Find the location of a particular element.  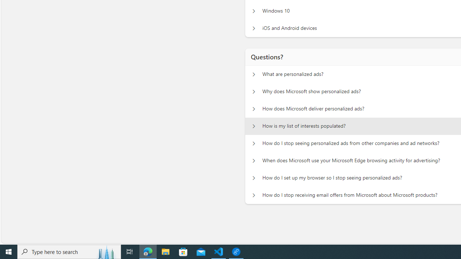

'Questions? How is my list of interests populated?' is located at coordinates (254, 126).